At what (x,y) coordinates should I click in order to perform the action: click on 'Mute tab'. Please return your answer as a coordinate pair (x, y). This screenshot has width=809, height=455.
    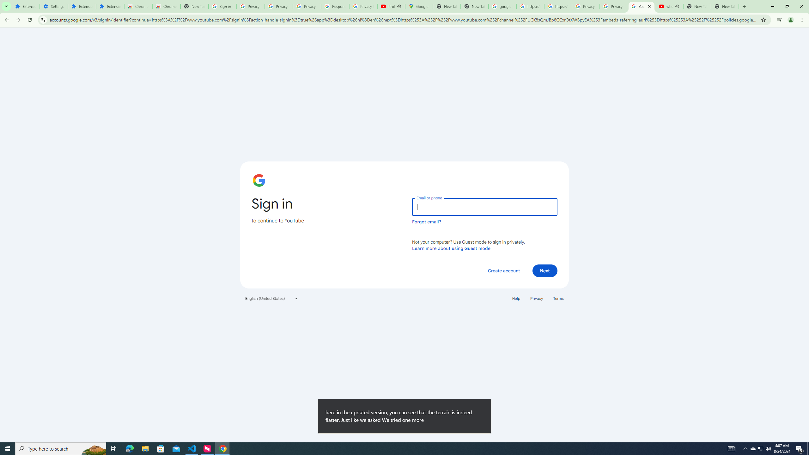
    Looking at the image, I should click on (677, 6).